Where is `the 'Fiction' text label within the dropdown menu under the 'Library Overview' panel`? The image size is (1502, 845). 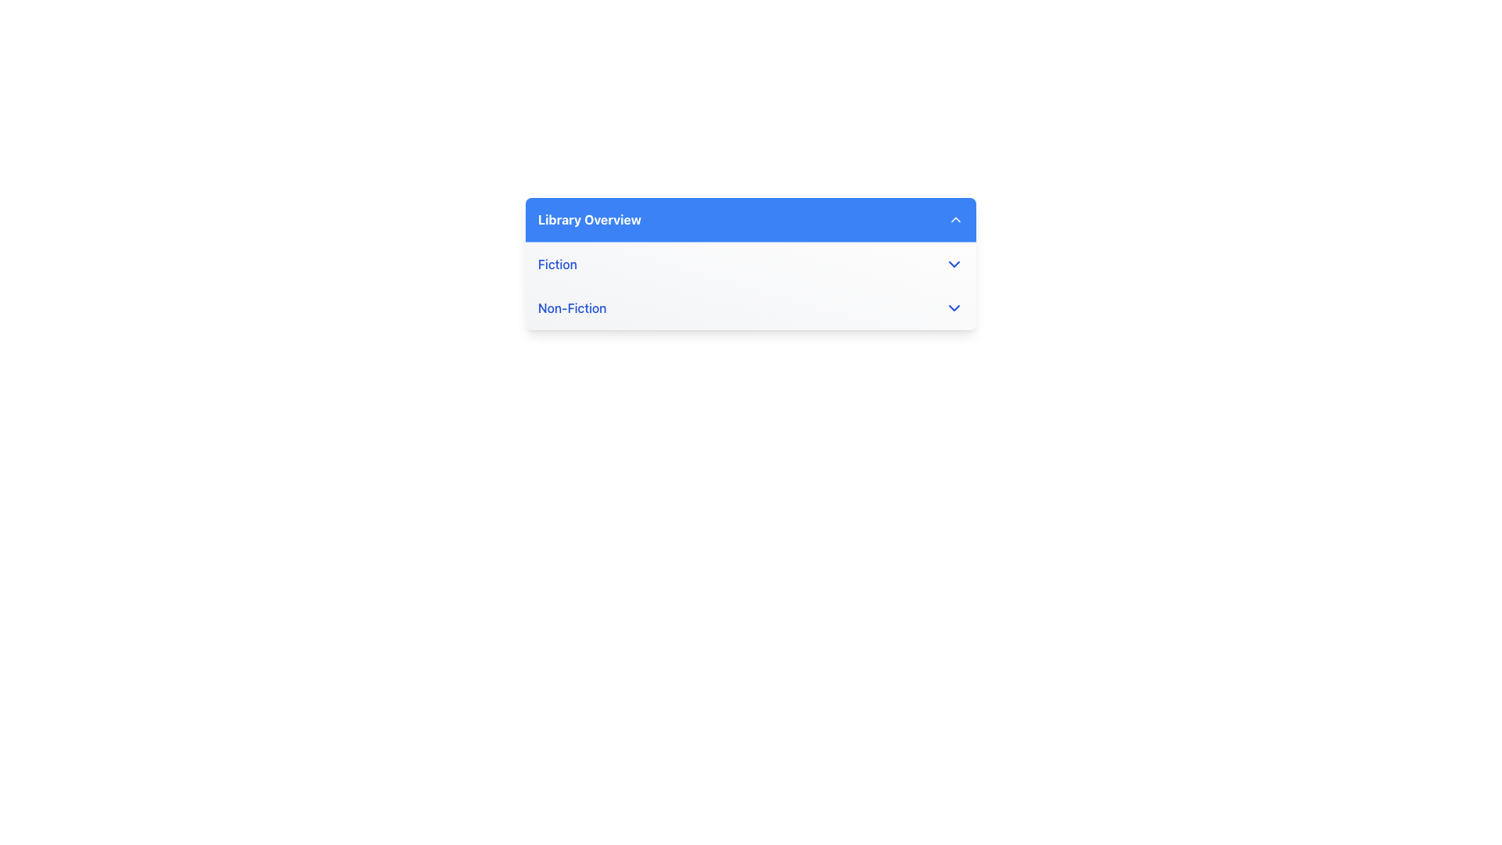 the 'Fiction' text label within the dropdown menu under the 'Library Overview' panel is located at coordinates (557, 264).